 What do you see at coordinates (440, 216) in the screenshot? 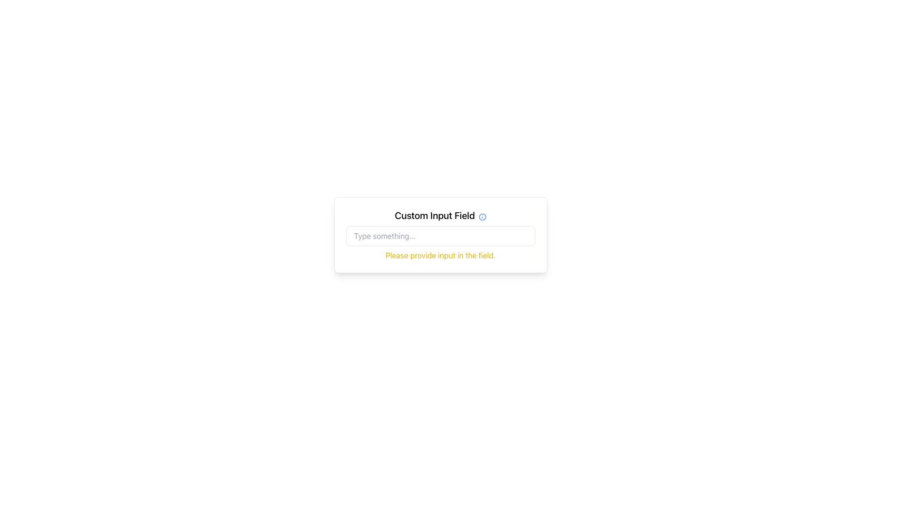
I see `the prominent text header label styled with large bold font above the input field` at bounding box center [440, 216].